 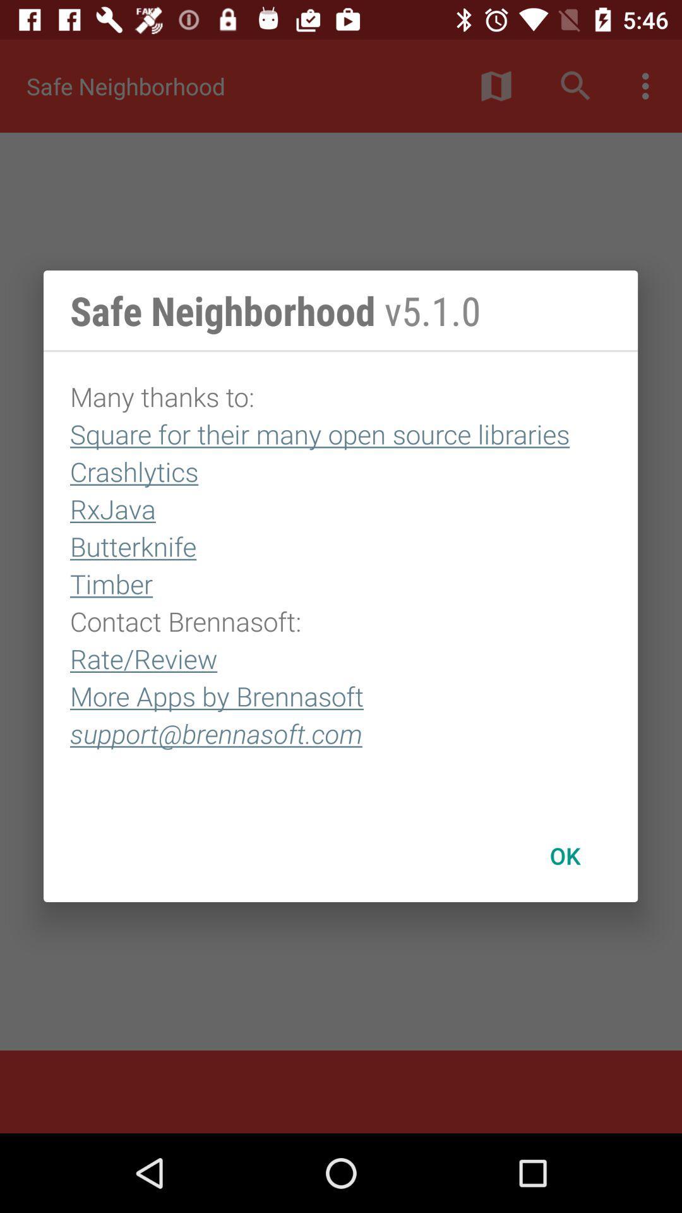 What do you see at coordinates (340, 580) in the screenshot?
I see `many thanks to` at bounding box center [340, 580].